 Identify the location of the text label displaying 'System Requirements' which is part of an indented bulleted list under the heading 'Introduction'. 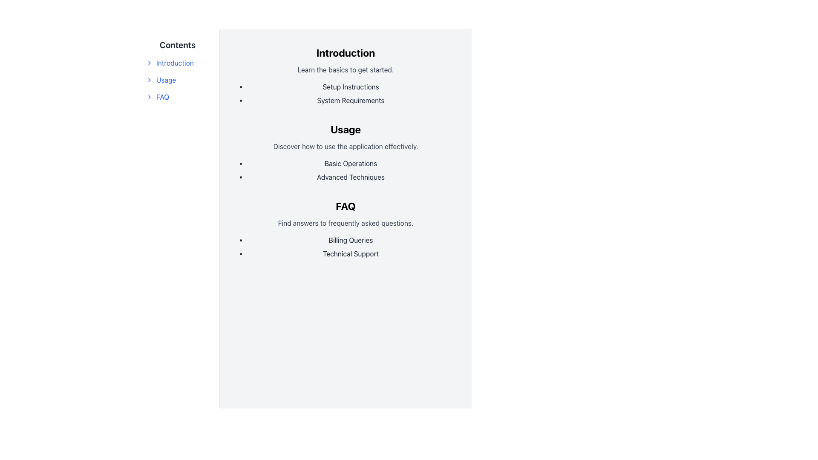
(351, 100).